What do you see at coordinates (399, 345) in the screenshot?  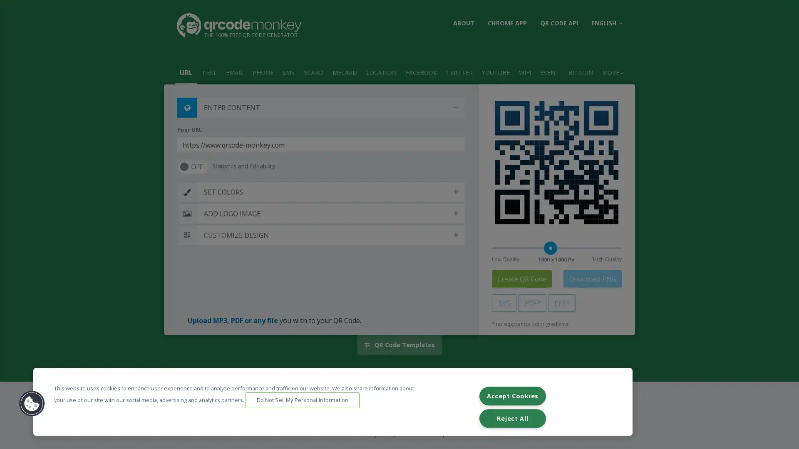 I see `QR Code Templates` at bounding box center [399, 345].